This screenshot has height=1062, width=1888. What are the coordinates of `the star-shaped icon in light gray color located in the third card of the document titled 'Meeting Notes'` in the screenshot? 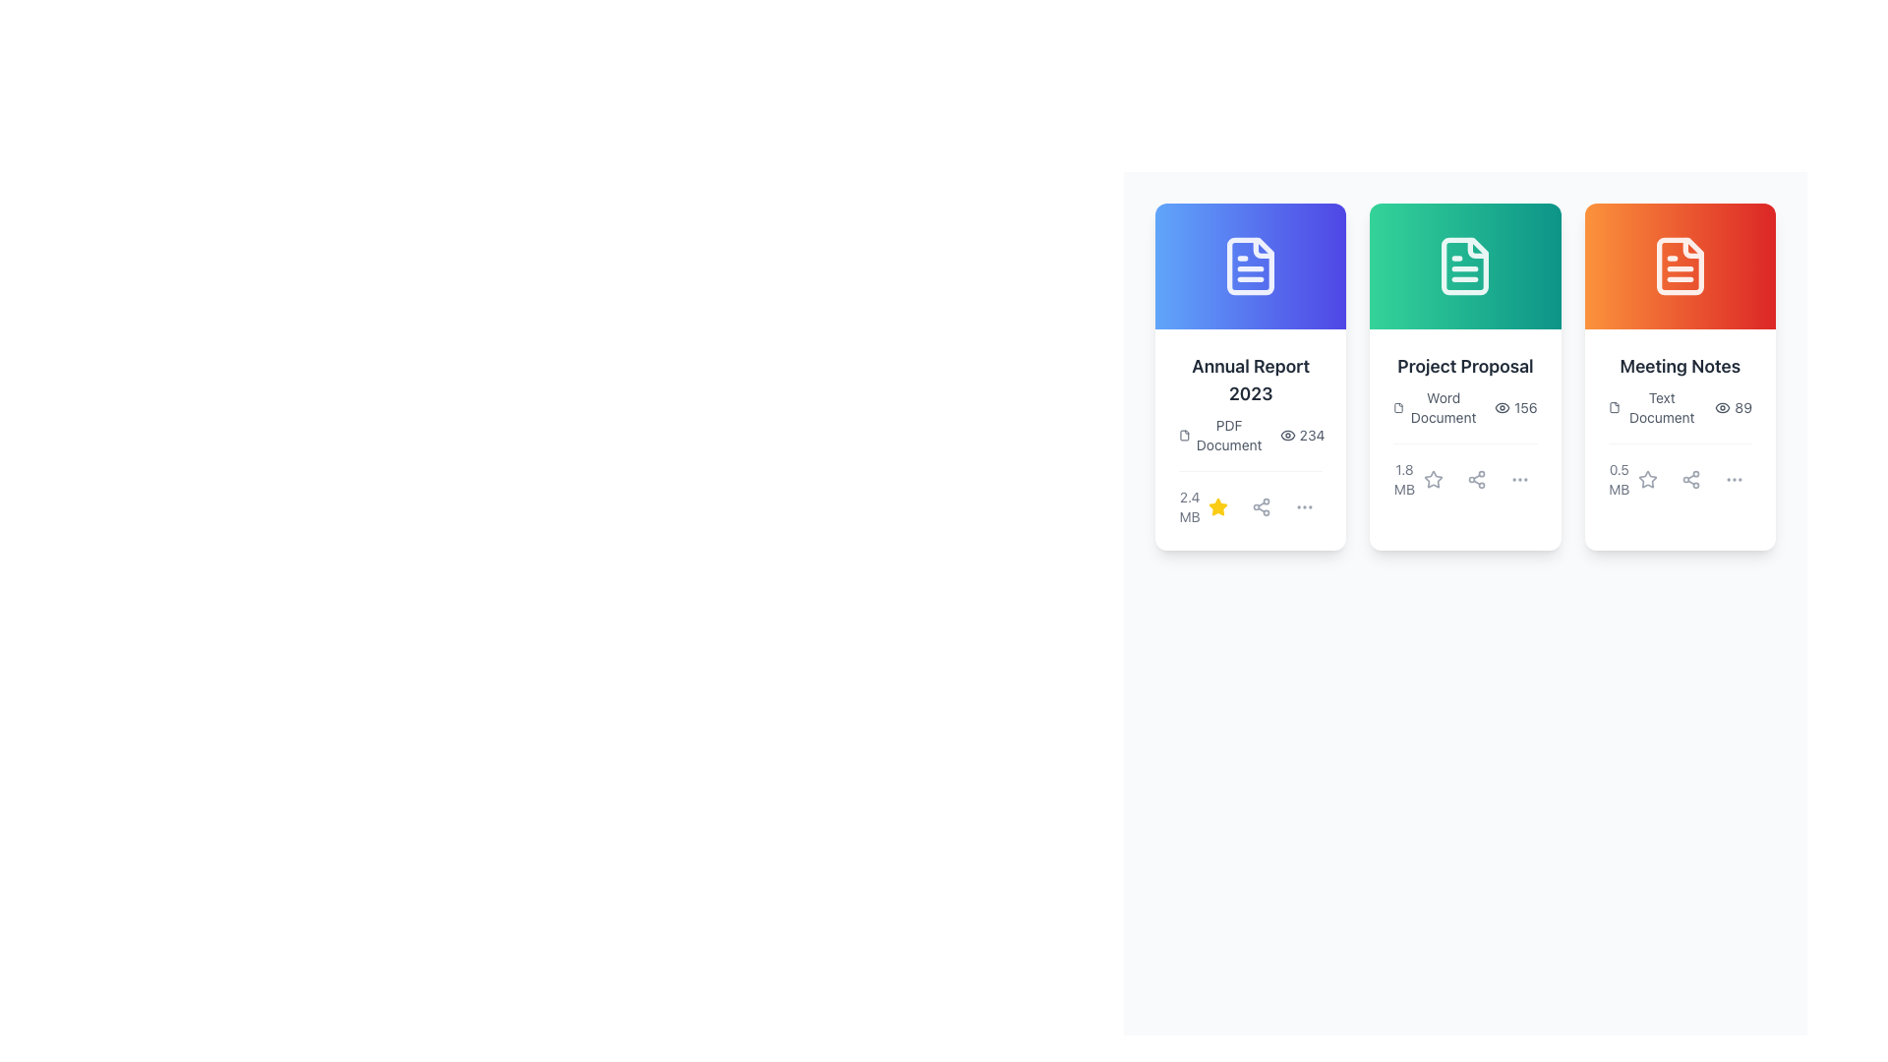 It's located at (1647, 480).